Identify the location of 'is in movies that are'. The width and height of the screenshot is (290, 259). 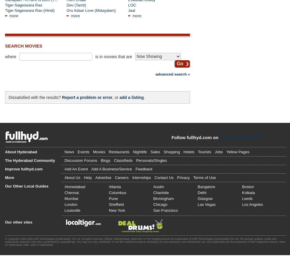
(113, 56).